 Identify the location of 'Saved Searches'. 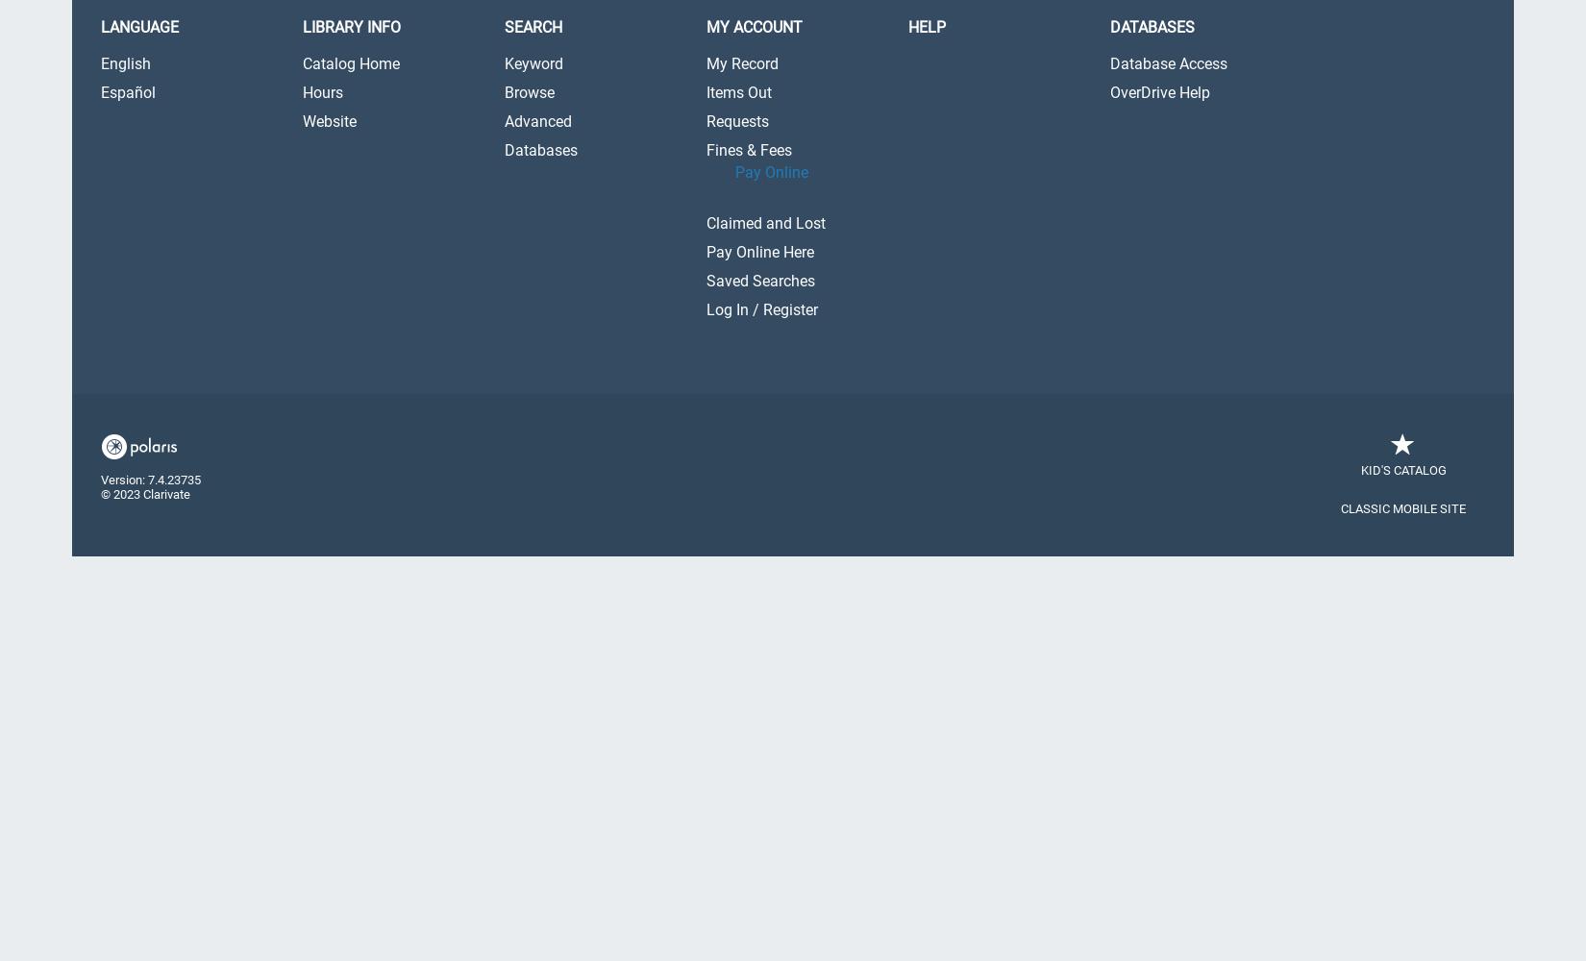
(759, 281).